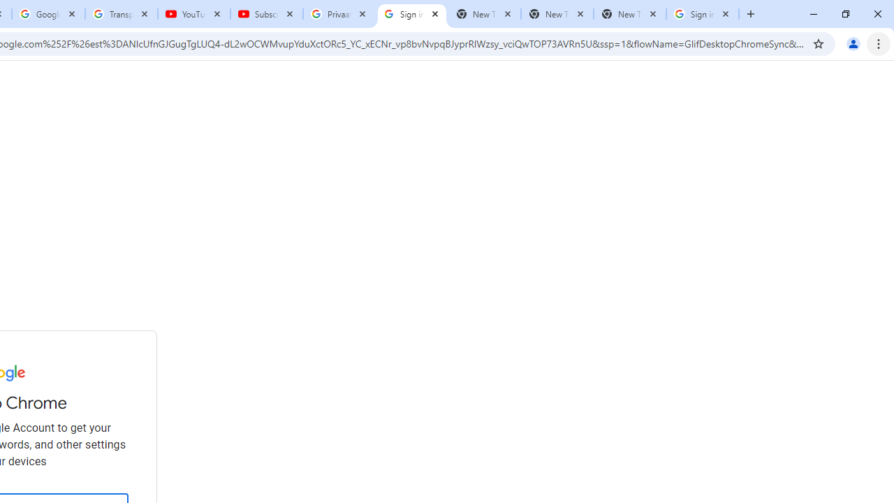 Image resolution: width=894 pixels, height=503 pixels. I want to click on 'YouTube', so click(193, 14).